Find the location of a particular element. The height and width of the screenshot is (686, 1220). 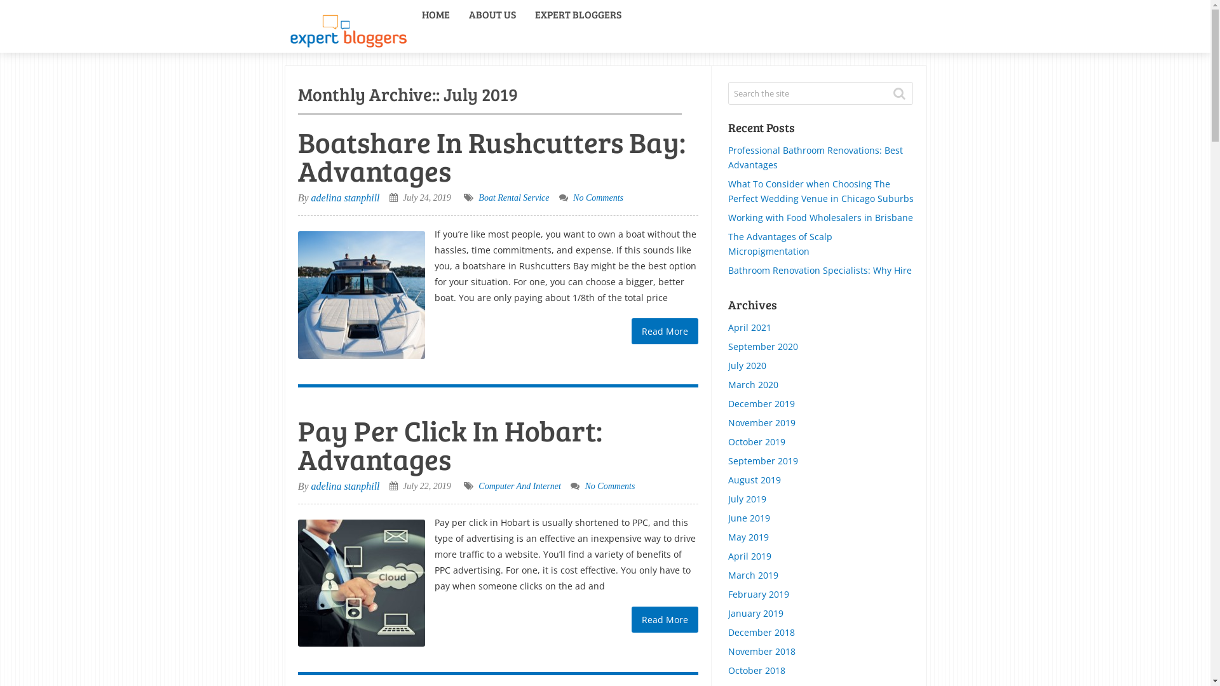

'July 2020' is located at coordinates (747, 365).